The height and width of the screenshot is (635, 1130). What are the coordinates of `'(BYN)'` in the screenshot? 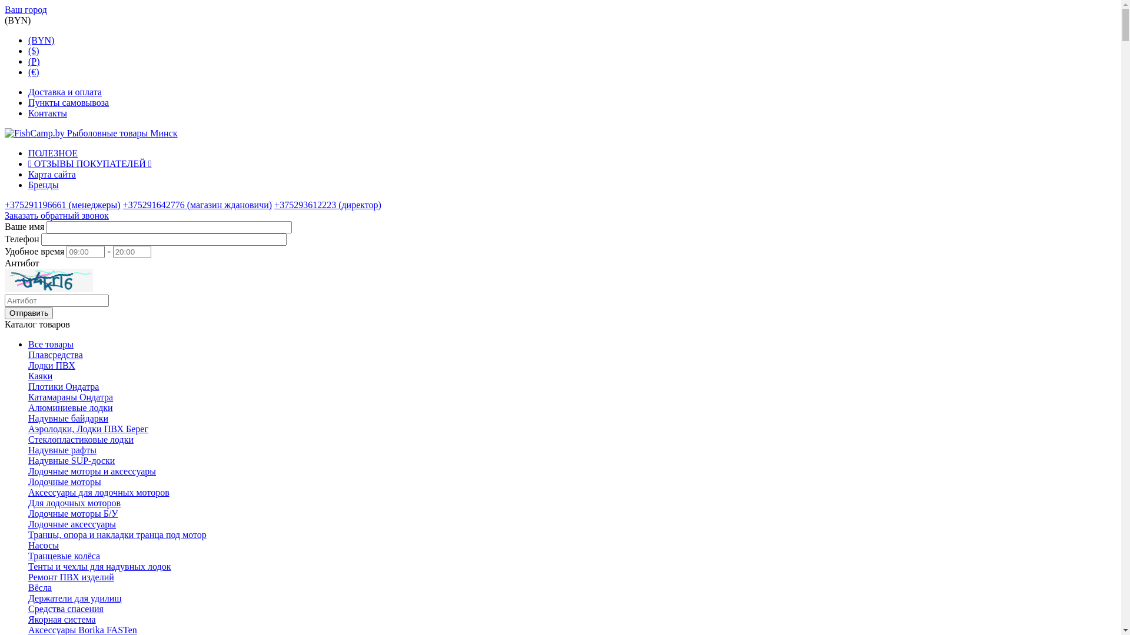 It's located at (41, 39).